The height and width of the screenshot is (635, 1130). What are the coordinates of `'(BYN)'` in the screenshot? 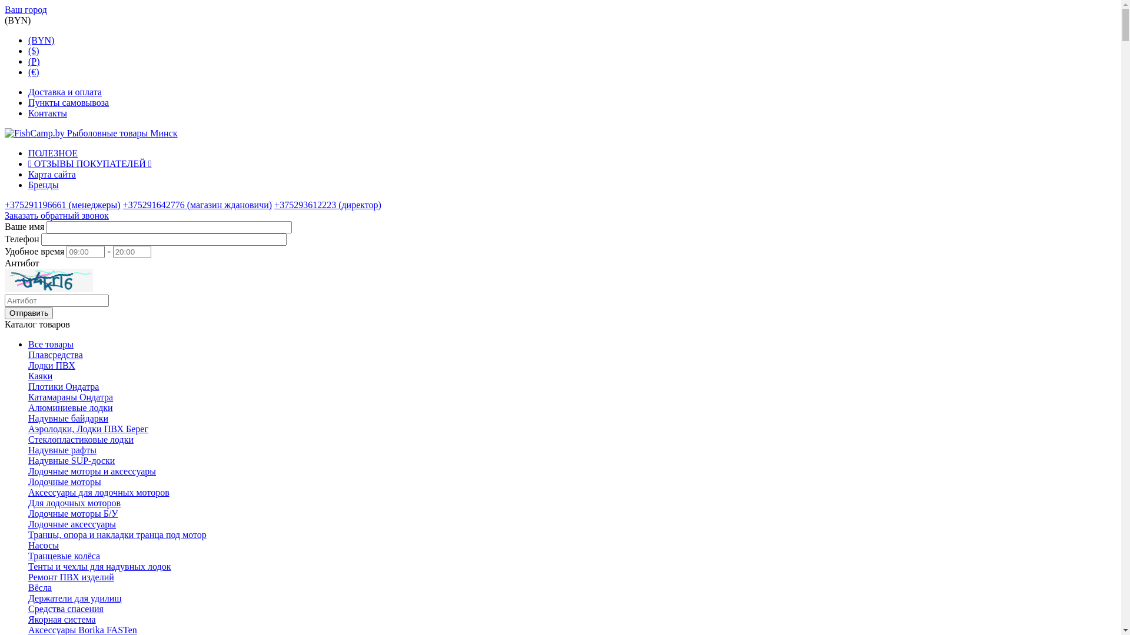 It's located at (41, 39).